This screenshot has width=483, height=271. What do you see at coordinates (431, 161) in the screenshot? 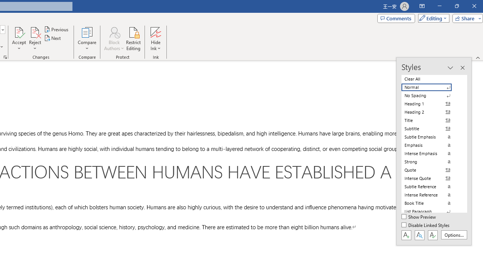
I see `'Strong'` at bounding box center [431, 161].